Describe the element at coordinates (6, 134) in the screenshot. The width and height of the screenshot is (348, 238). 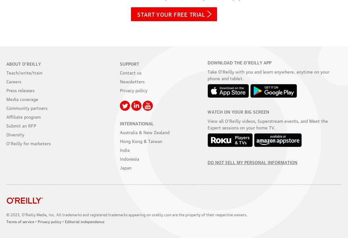
I see `'Diversity'` at that location.